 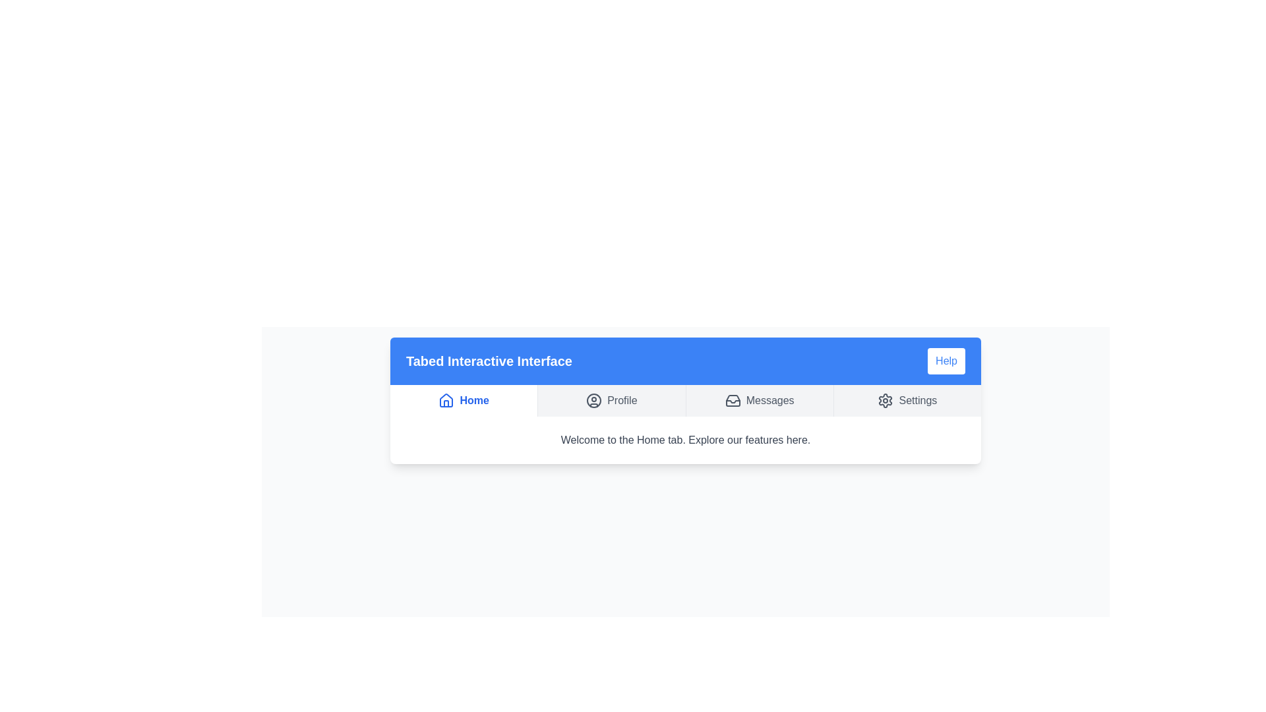 What do you see at coordinates (907, 400) in the screenshot?
I see `the interactive button labeled 'Settings' with an icon, which is the fourth item in the menu bar, positioned to the right of 'Messages' and located in the bottom-center area of the interface` at bounding box center [907, 400].